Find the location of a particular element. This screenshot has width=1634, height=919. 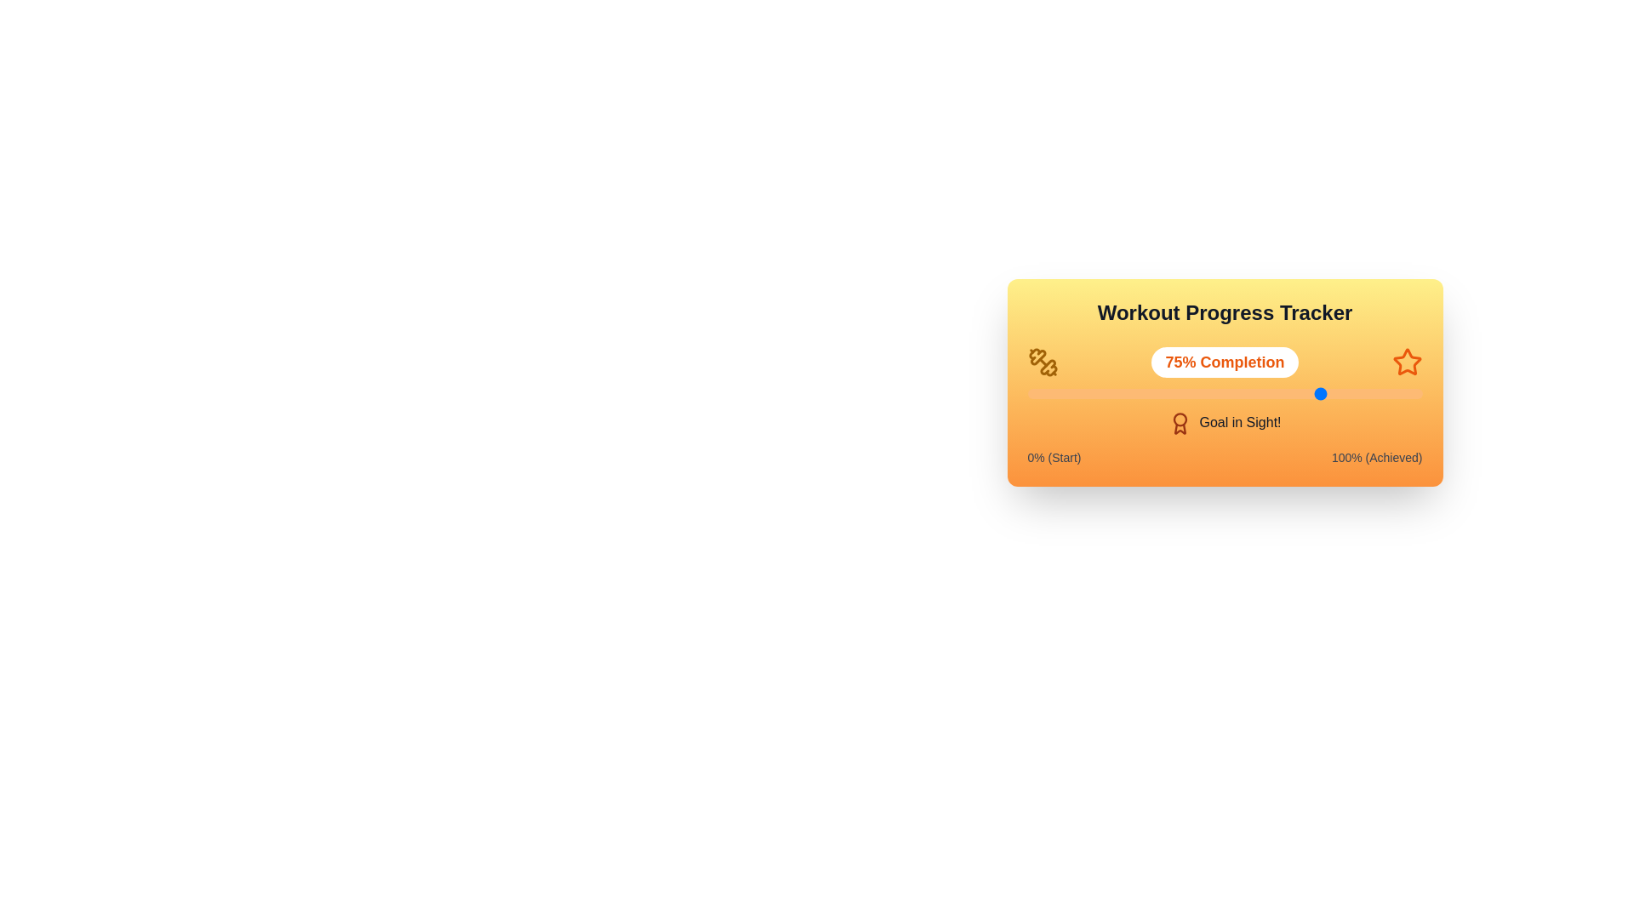

the progress slider to 10% is located at coordinates (1066, 393).